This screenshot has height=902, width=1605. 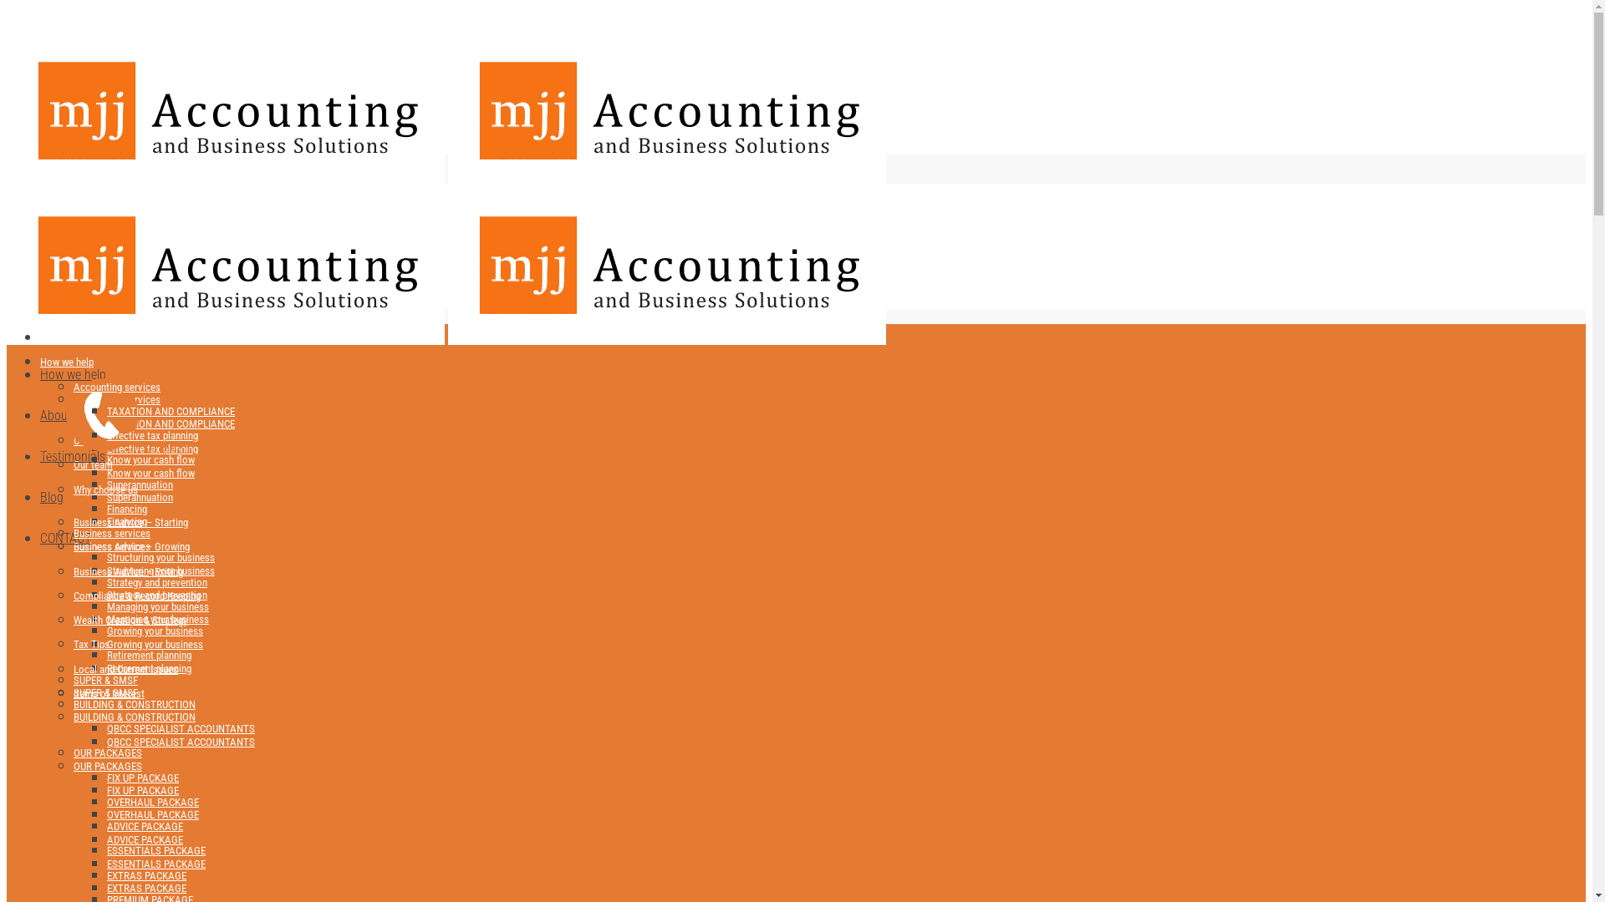 I want to click on 'Effective tax planning', so click(x=152, y=448).